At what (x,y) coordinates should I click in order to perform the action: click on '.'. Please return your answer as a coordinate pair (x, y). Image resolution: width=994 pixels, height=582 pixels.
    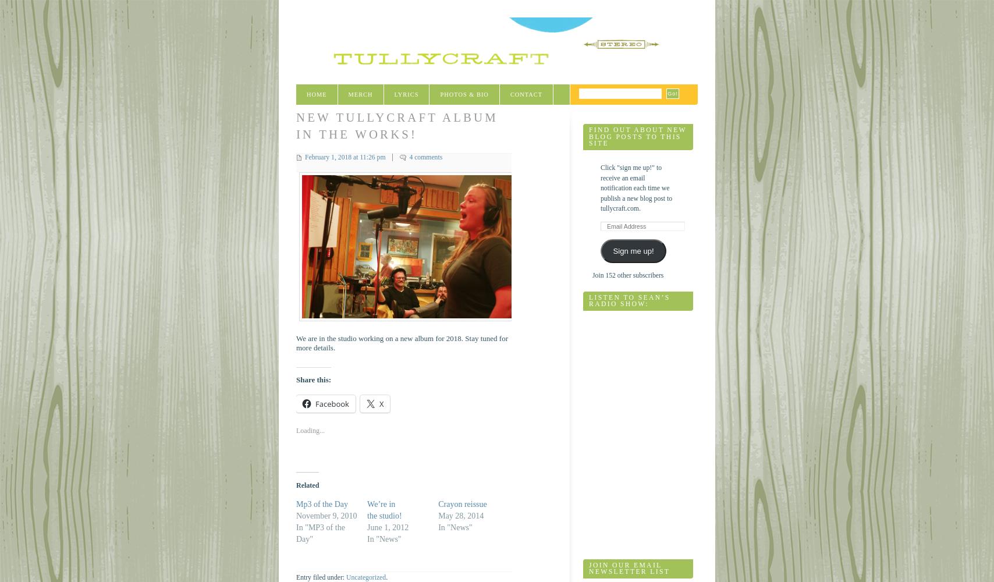
    Looking at the image, I should click on (386, 577).